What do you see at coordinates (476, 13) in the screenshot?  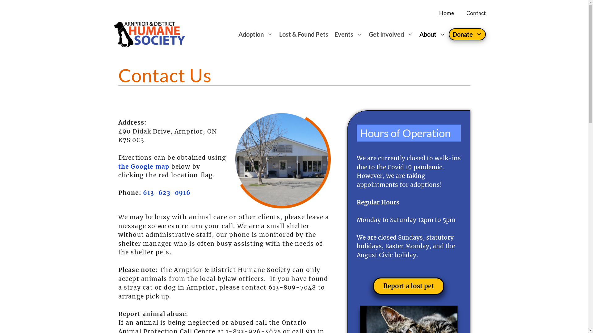 I see `'Contact'` at bounding box center [476, 13].